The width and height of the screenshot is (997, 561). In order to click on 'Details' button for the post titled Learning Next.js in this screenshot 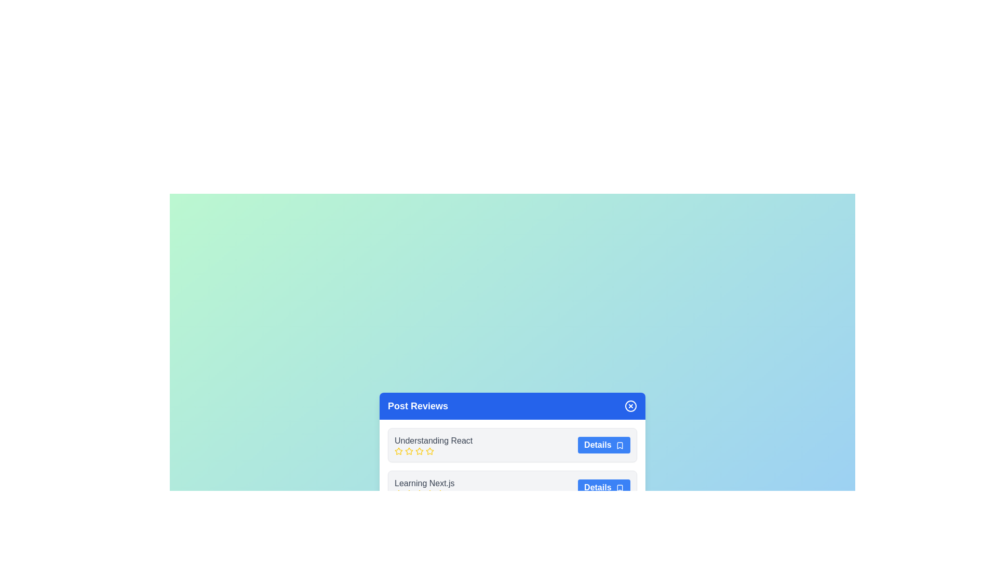, I will do `click(604, 487)`.